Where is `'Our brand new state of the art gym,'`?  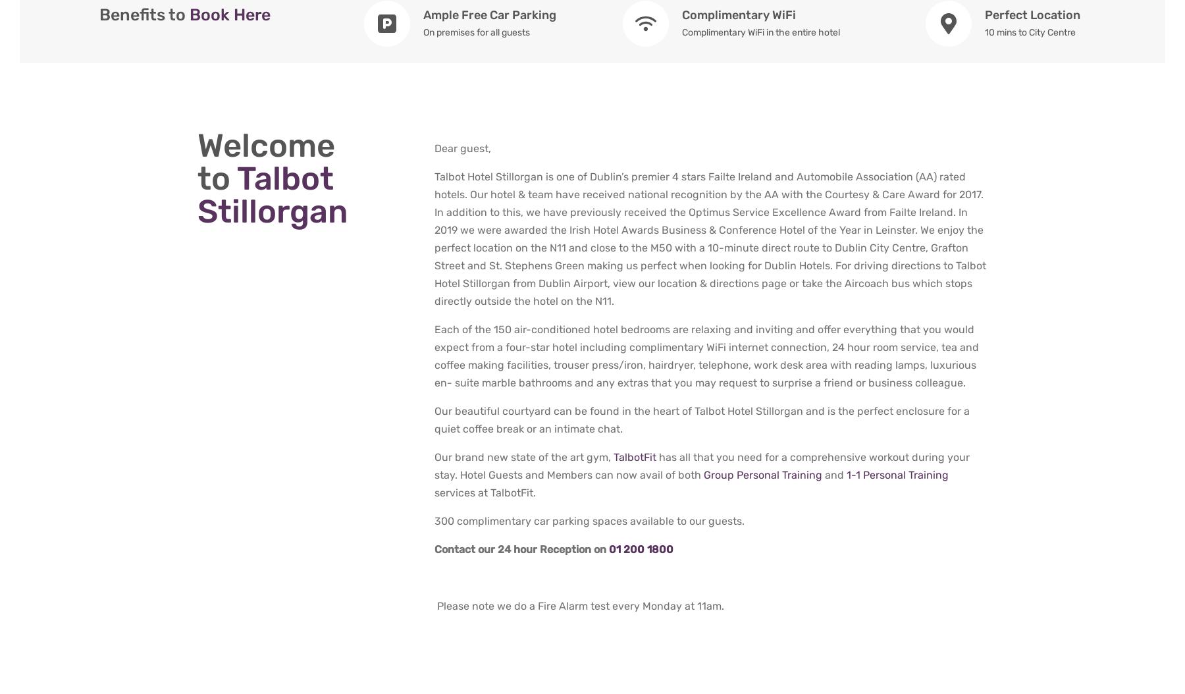
'Our brand new state of the art gym,' is located at coordinates (523, 456).